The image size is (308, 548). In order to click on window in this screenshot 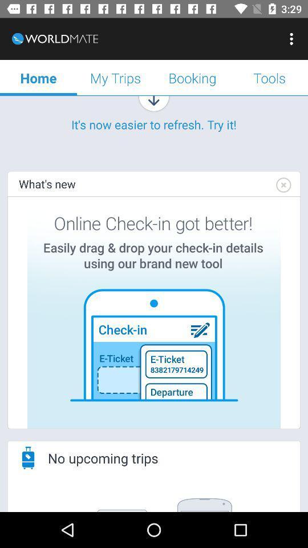, I will do `click(282, 185)`.